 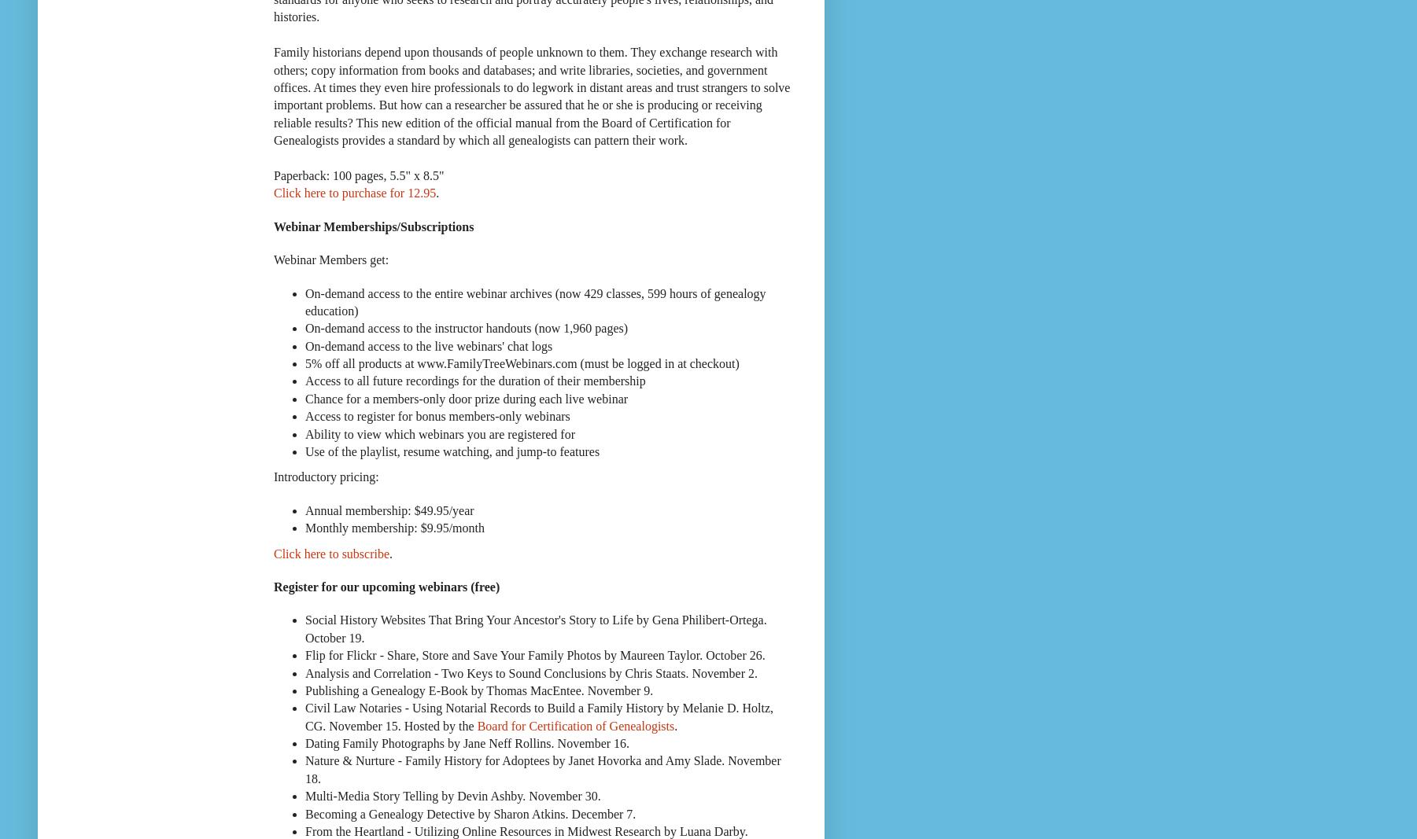 What do you see at coordinates (521, 362) in the screenshot?
I see `'5% off all products at www.FamilyTreeWebinars.com (must be logged in at checkout)'` at bounding box center [521, 362].